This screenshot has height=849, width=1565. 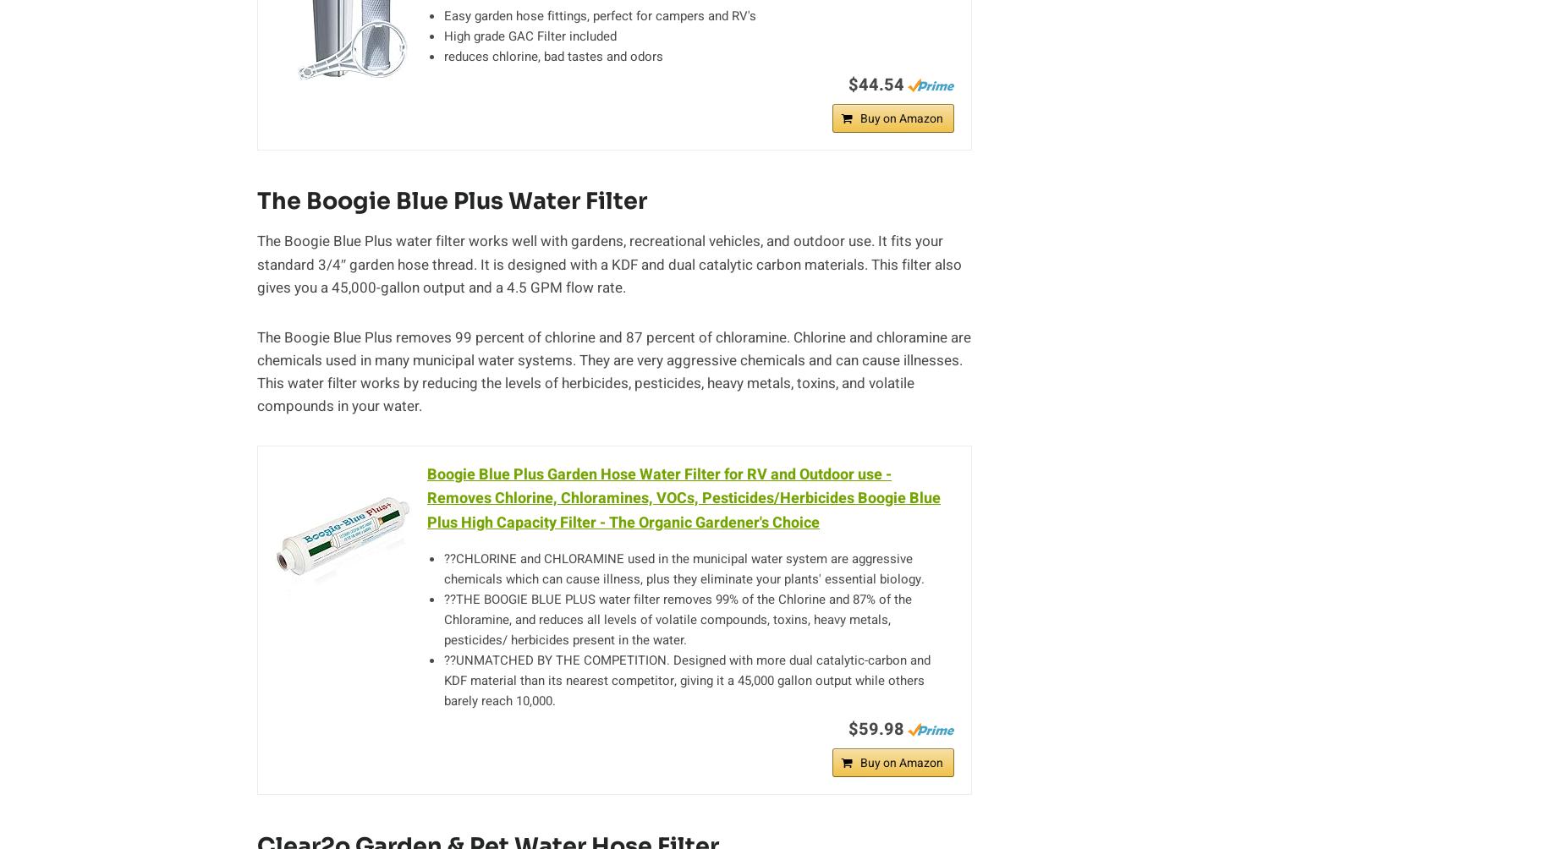 I want to click on '??CHLORINE and CHLORAMINE used in the municipal water system are aggressive chemicals which can cause illness, plus they eliminate your plants' essential biology.', so click(x=684, y=567).